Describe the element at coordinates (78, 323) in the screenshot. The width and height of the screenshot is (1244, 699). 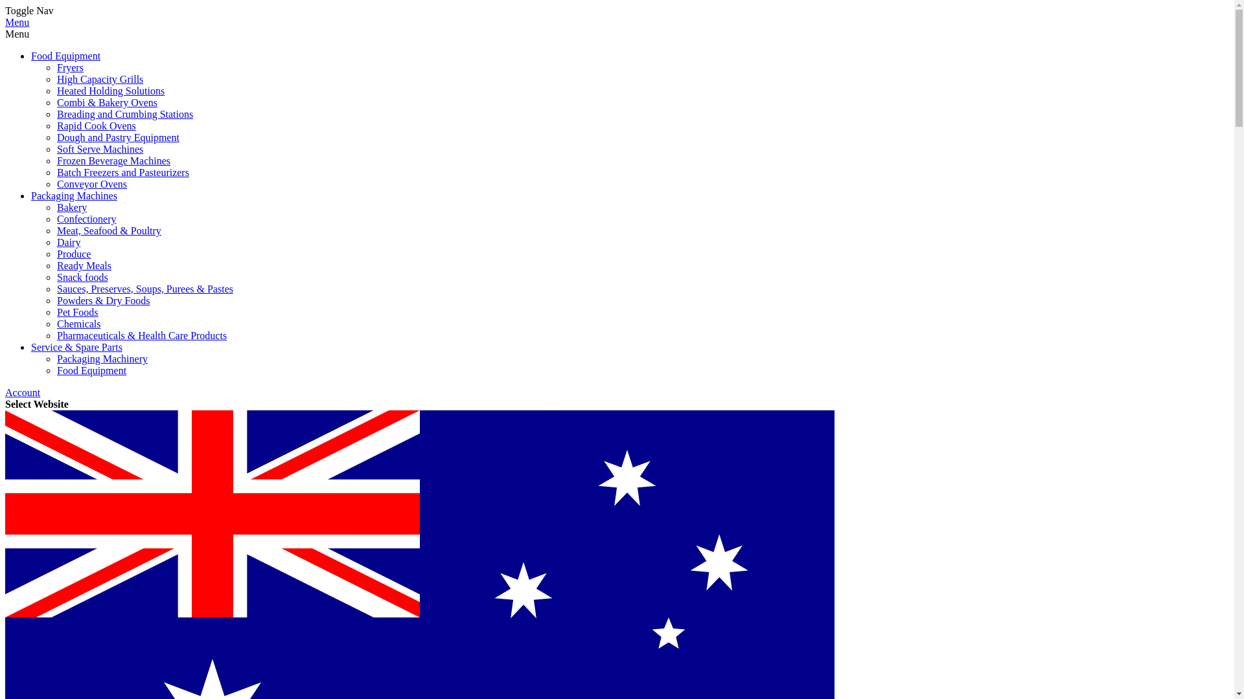
I see `'Chemicals'` at that location.